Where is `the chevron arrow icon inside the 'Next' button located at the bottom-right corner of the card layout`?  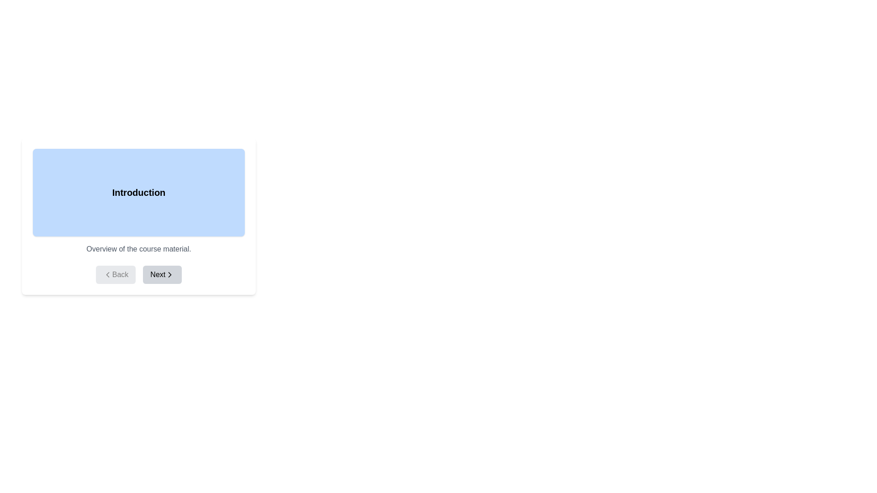
the chevron arrow icon inside the 'Next' button located at the bottom-right corner of the card layout is located at coordinates (170, 274).